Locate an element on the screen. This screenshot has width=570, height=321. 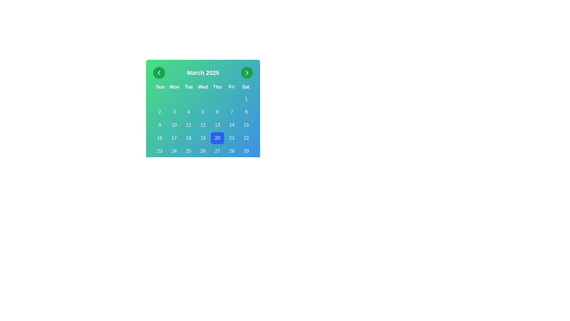
the button labeled '1' which is a small, rounded rectangle located in the top right corner of a grid layout is located at coordinates (246, 98).